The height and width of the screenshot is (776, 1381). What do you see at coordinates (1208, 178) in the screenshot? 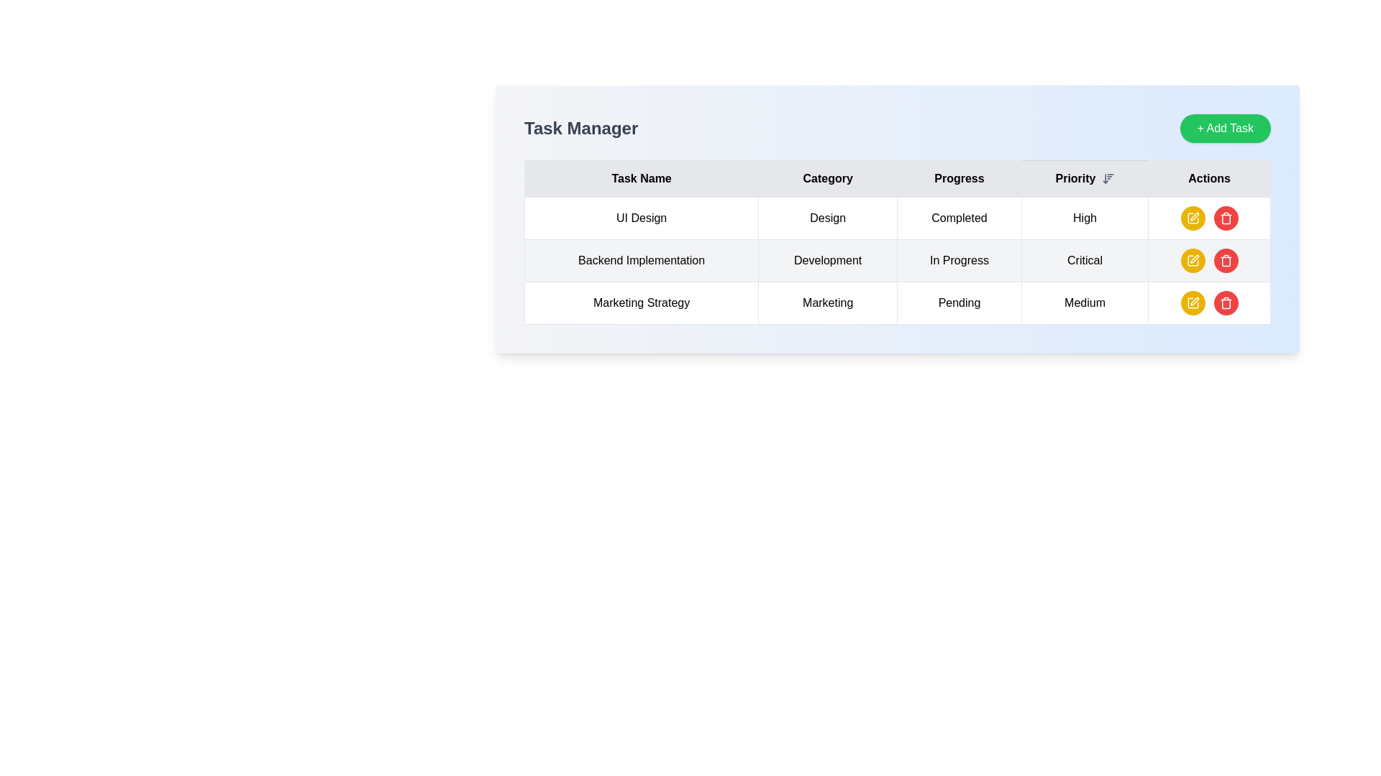
I see `the 'Actions' column header in the Task Manager table` at bounding box center [1208, 178].